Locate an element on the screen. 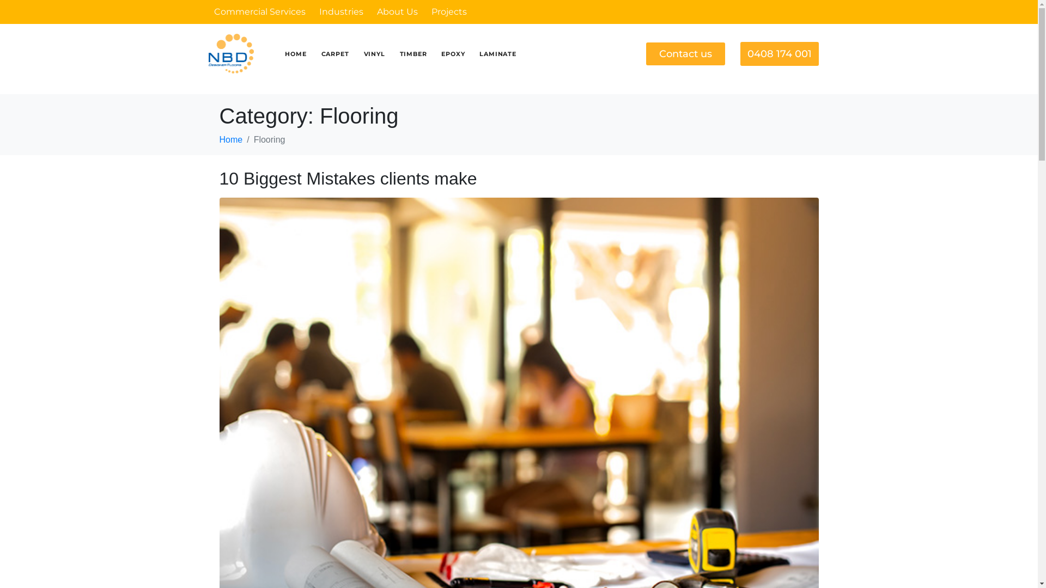 The width and height of the screenshot is (1046, 588). 'Commercial Services' is located at coordinates (258, 11).